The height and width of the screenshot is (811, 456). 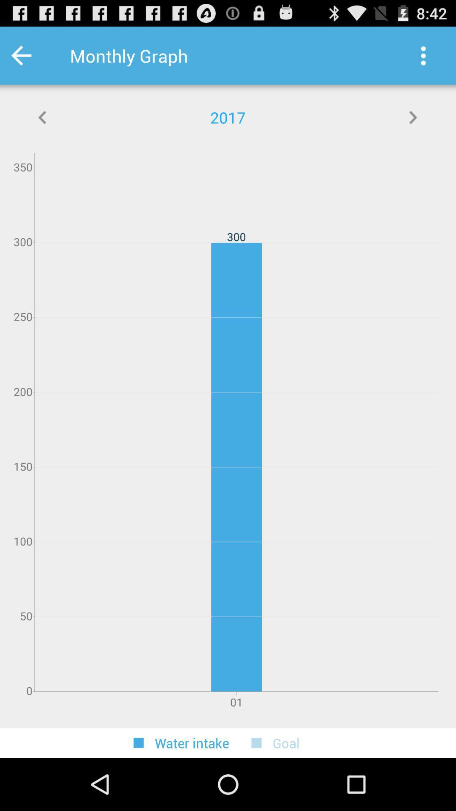 I want to click on the app below the monthly graph item, so click(x=413, y=117).